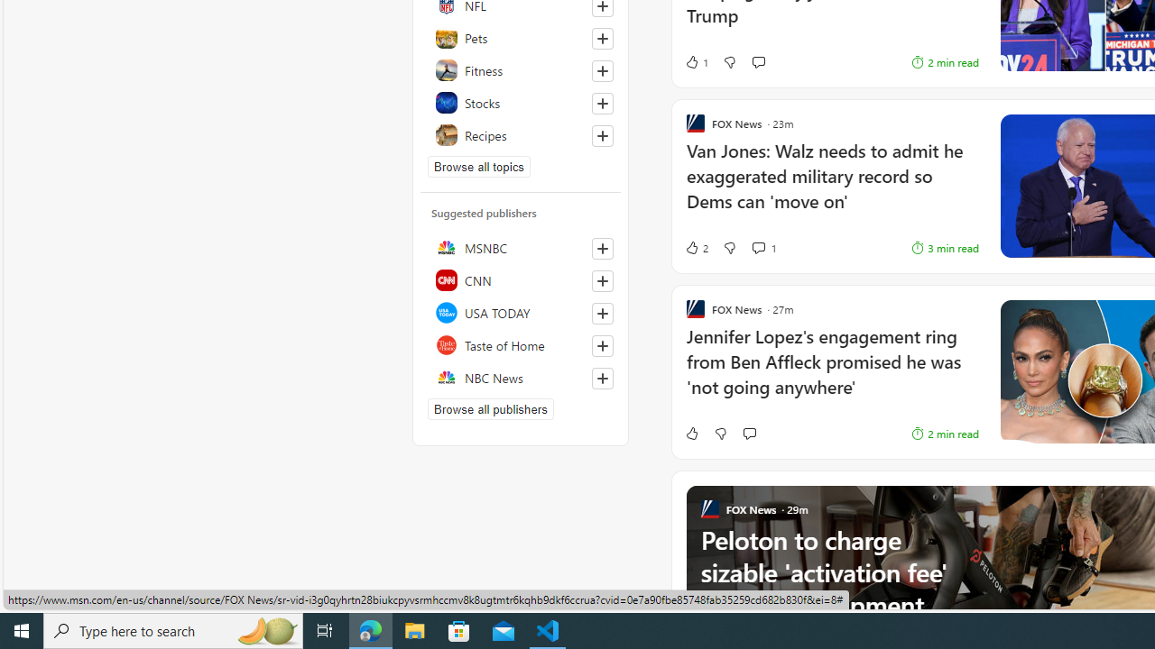 Image resolution: width=1155 pixels, height=649 pixels. Describe the element at coordinates (520, 248) in the screenshot. I see `'MSNBC'` at that location.